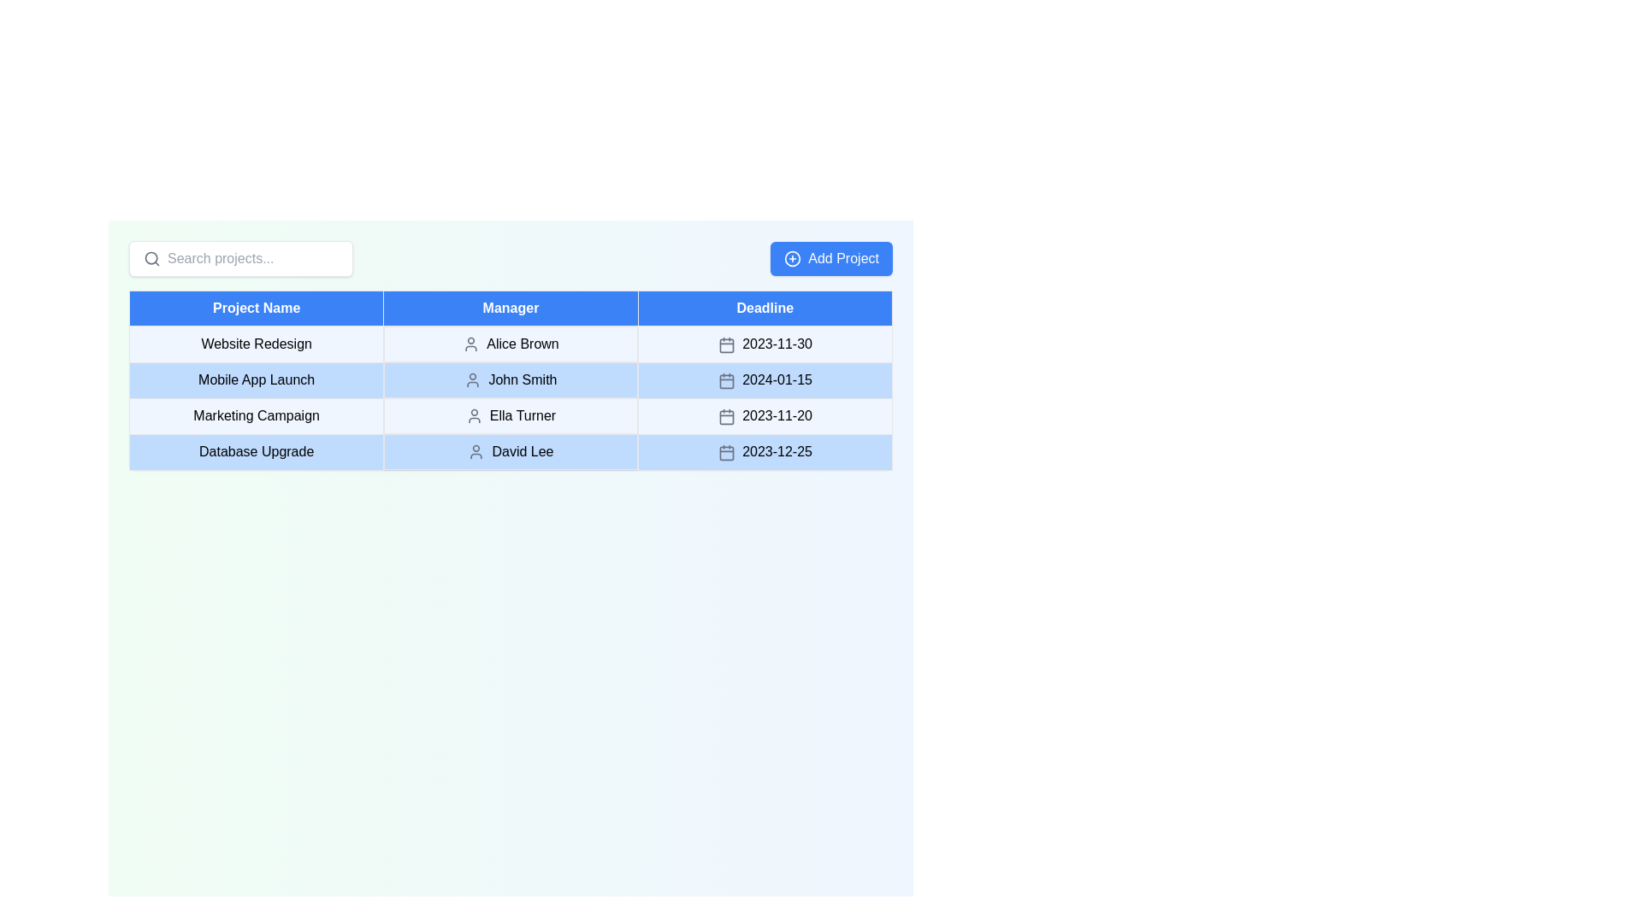 The width and height of the screenshot is (1642, 923). Describe the element at coordinates (764, 451) in the screenshot. I see `the date display element showing the deadline date in the fourth row of the table under the 'Deadline' column` at that location.